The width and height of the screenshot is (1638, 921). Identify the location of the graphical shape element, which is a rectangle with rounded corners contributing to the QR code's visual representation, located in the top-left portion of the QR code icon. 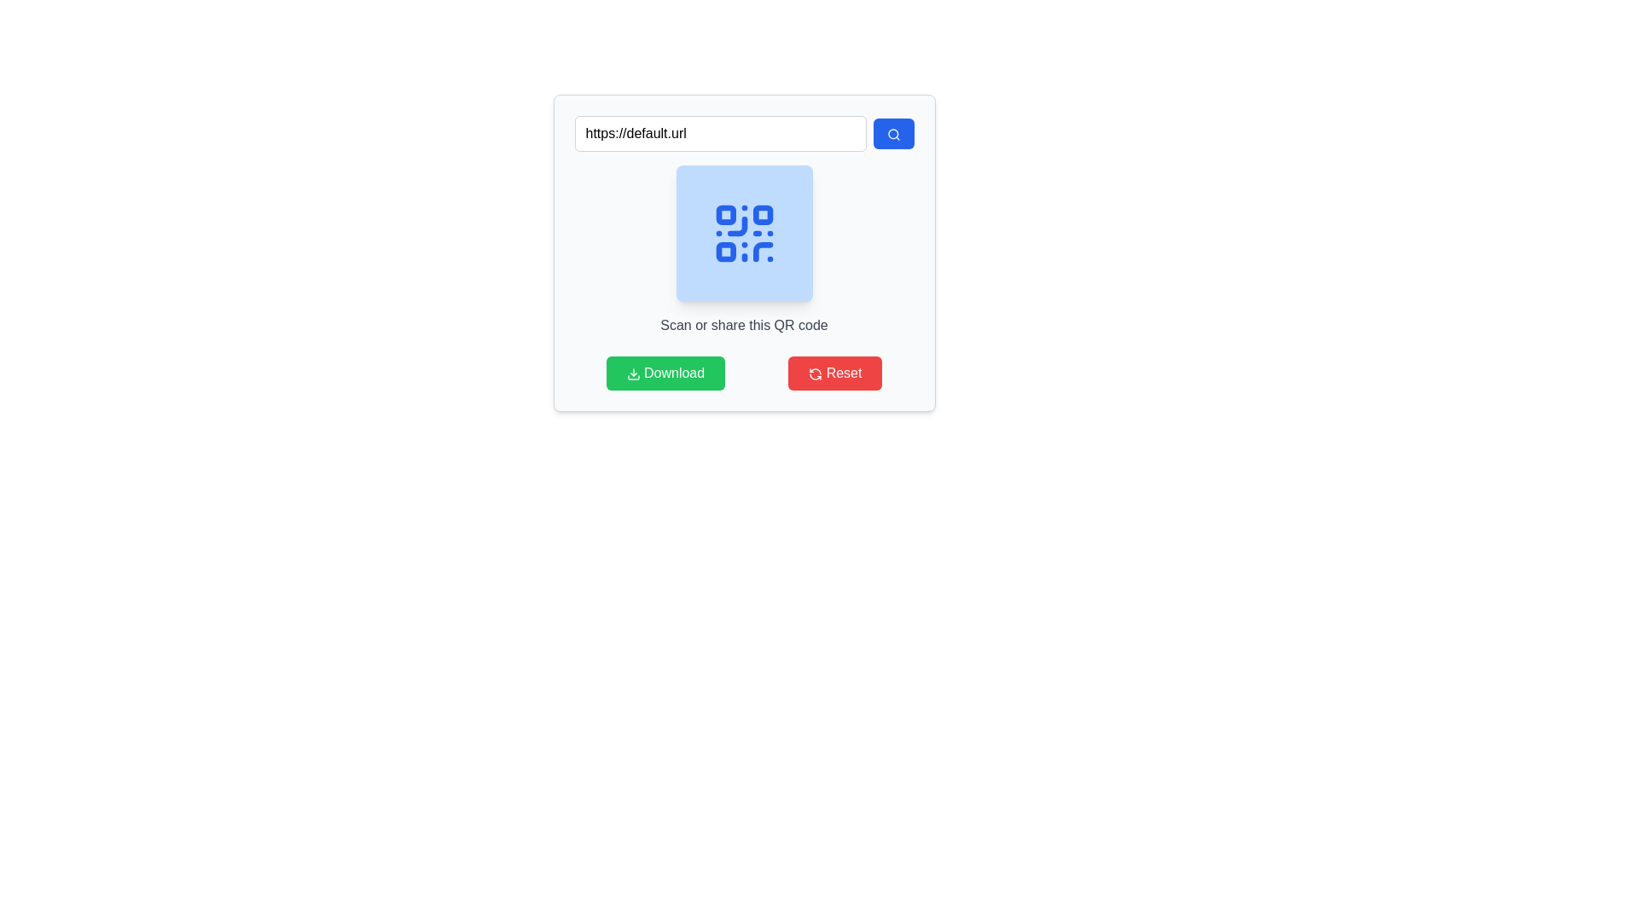
(725, 214).